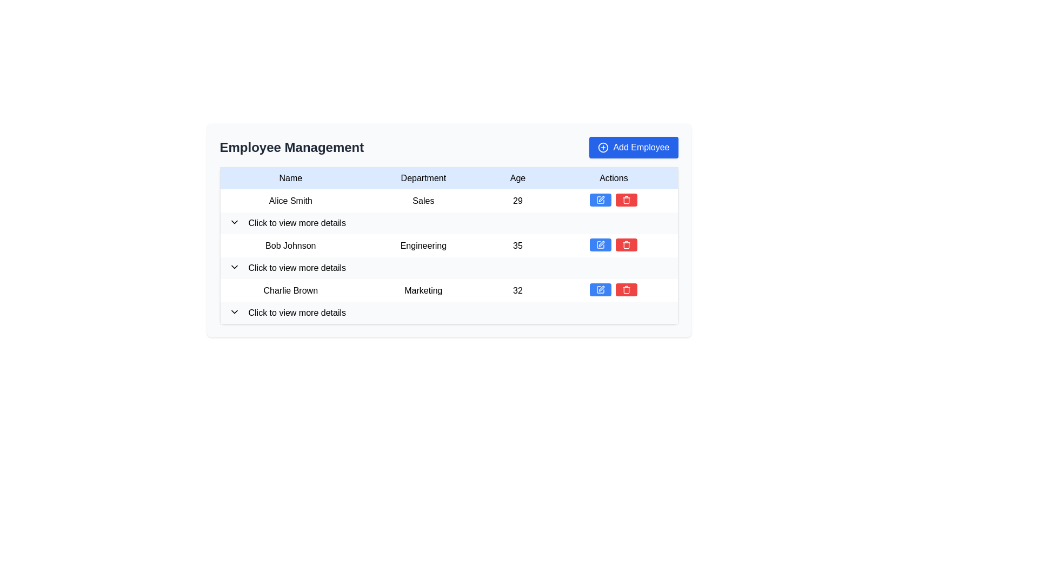 This screenshot has width=1038, height=584. Describe the element at coordinates (449, 222) in the screenshot. I see `the Expandable row toggle labeled 'Click` at that location.